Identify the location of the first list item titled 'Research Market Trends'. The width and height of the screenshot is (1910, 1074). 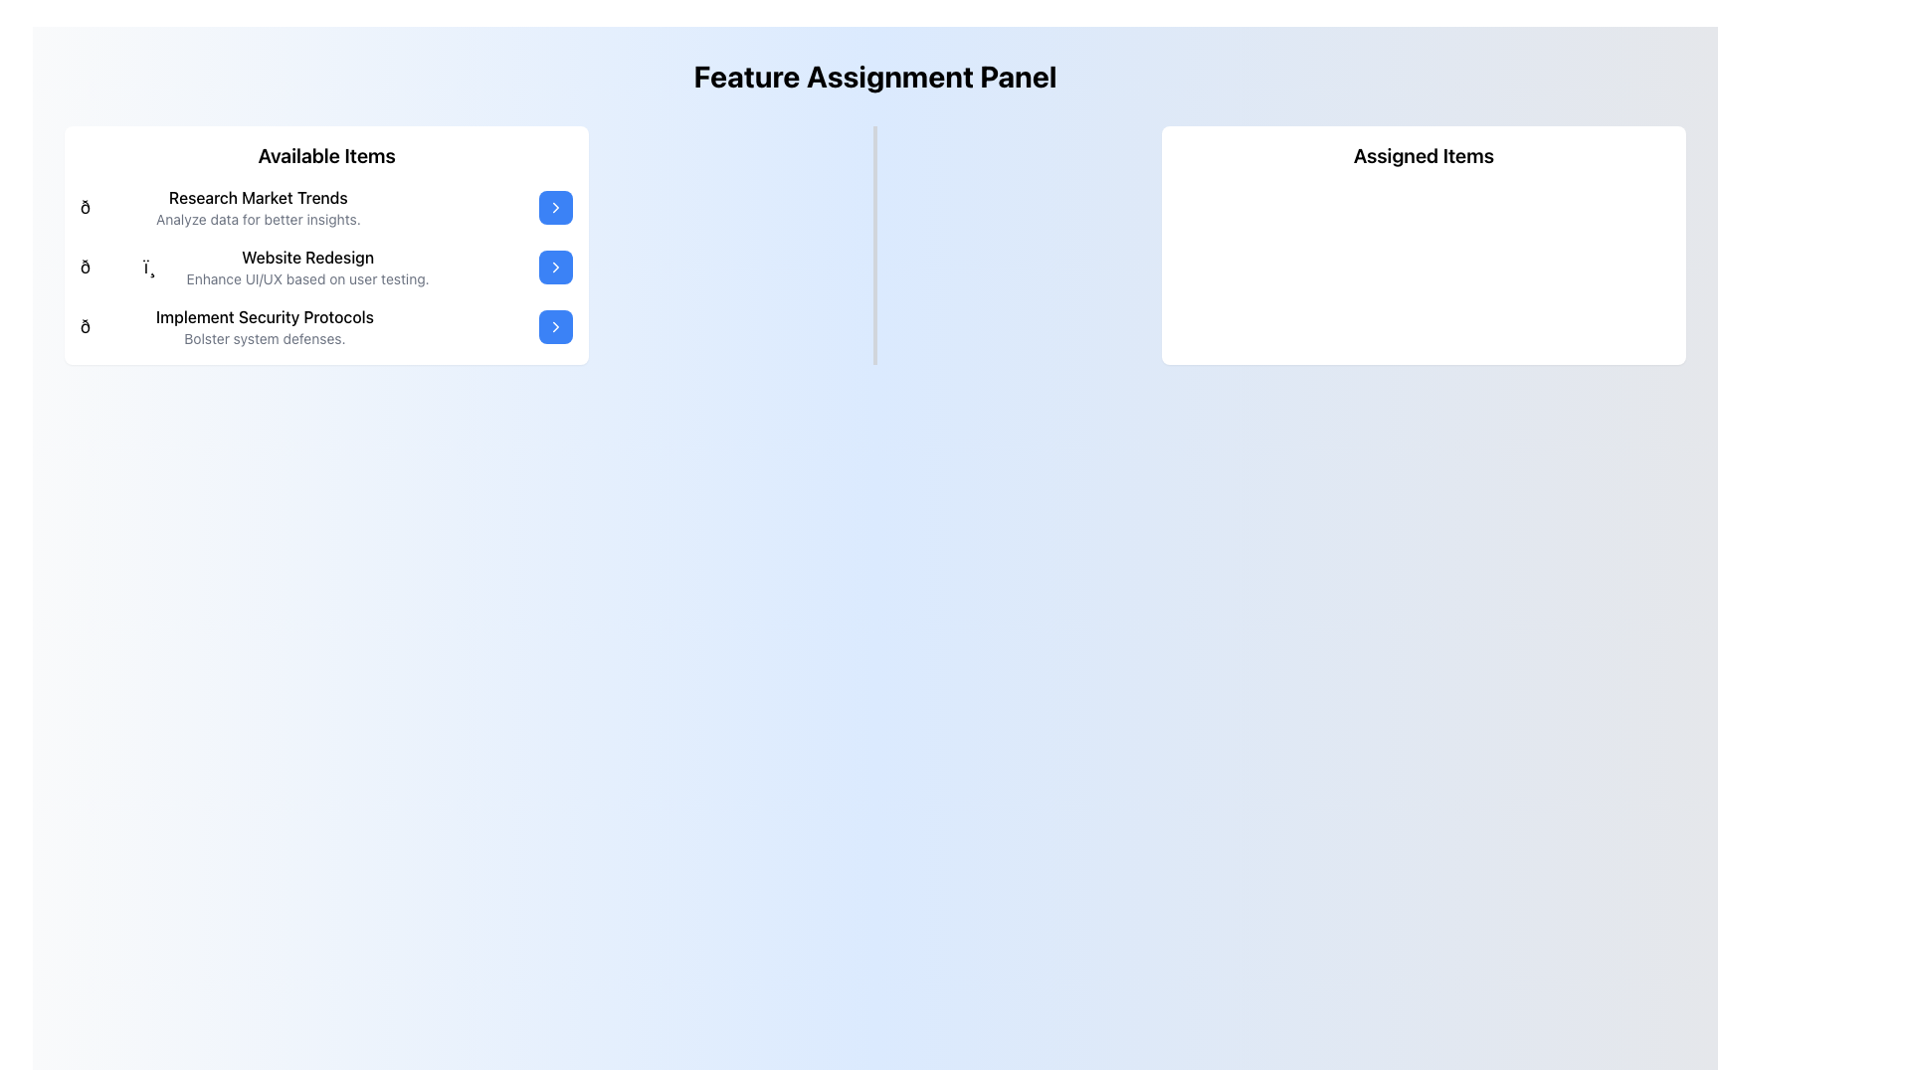
(326, 207).